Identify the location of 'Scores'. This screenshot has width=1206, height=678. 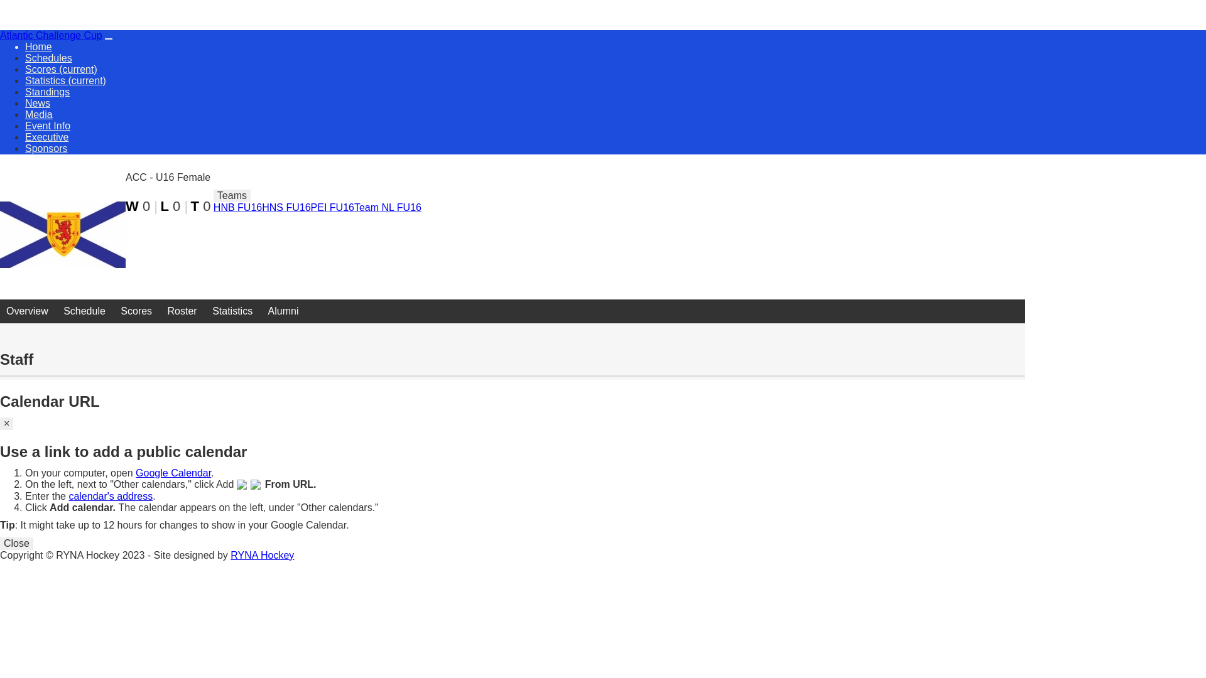
(136, 311).